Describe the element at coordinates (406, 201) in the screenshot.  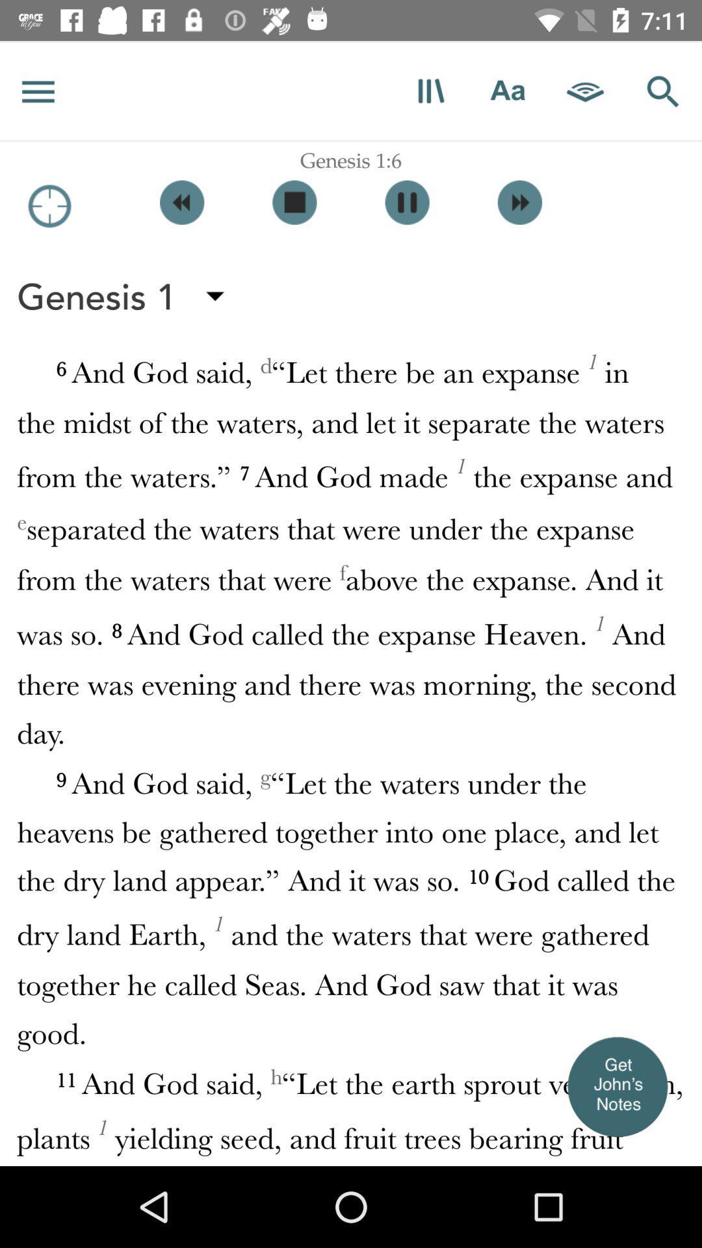
I see `pause playback option` at that location.